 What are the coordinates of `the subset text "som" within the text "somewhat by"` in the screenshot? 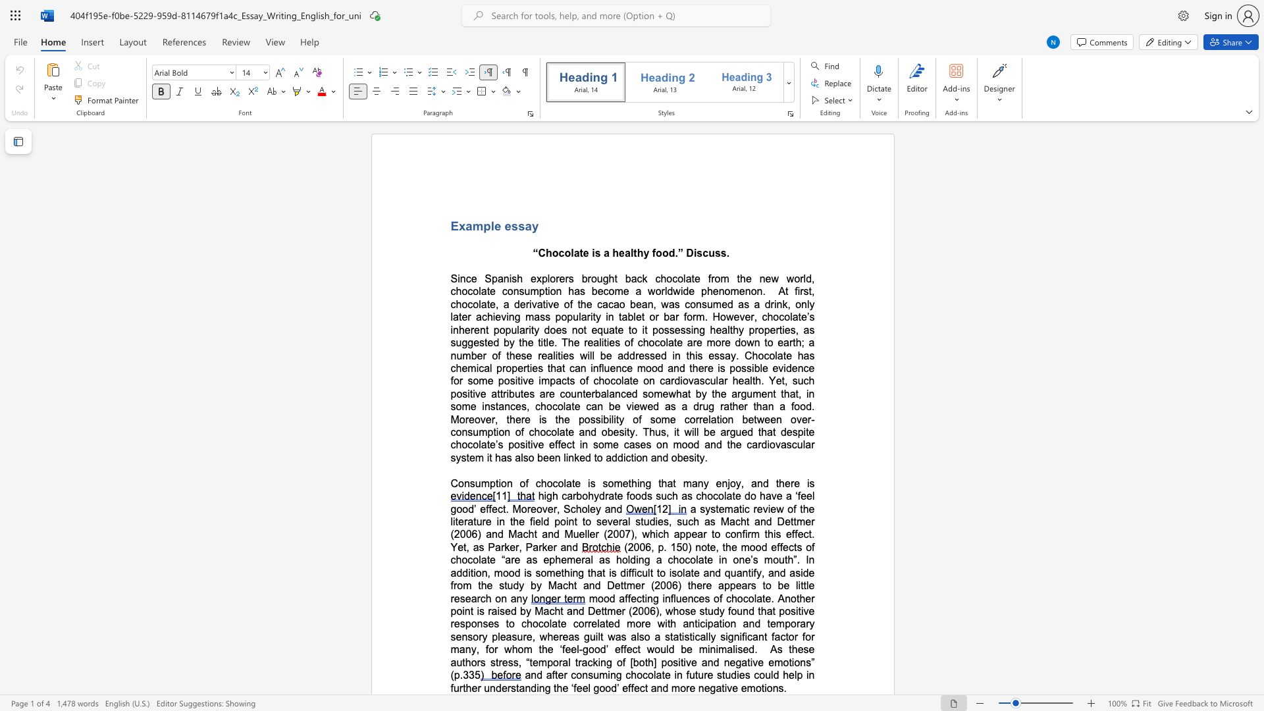 It's located at (643, 393).